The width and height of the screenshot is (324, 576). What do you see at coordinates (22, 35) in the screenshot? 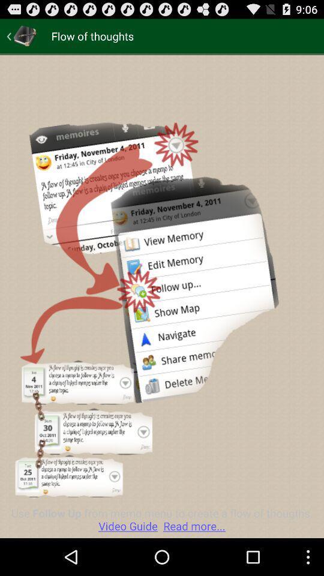
I see `go back` at bounding box center [22, 35].